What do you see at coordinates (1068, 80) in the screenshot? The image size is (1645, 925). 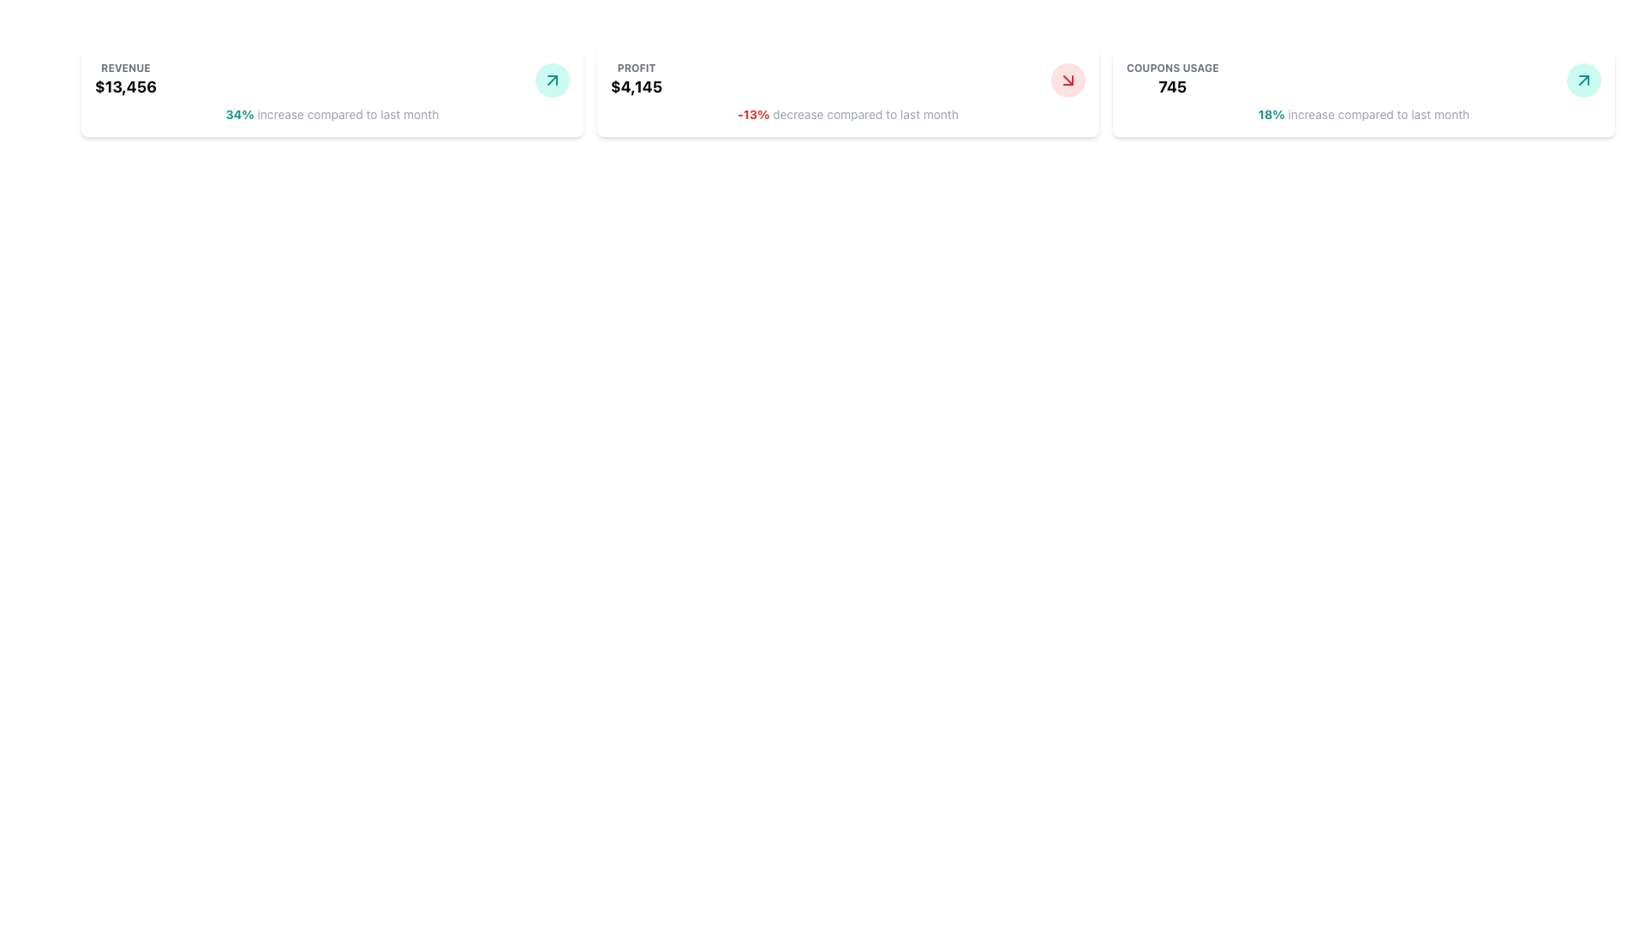 I see `the circular icon with a red background and a white arrow inside, located at the bottom-right of the 'Profit' card` at bounding box center [1068, 80].